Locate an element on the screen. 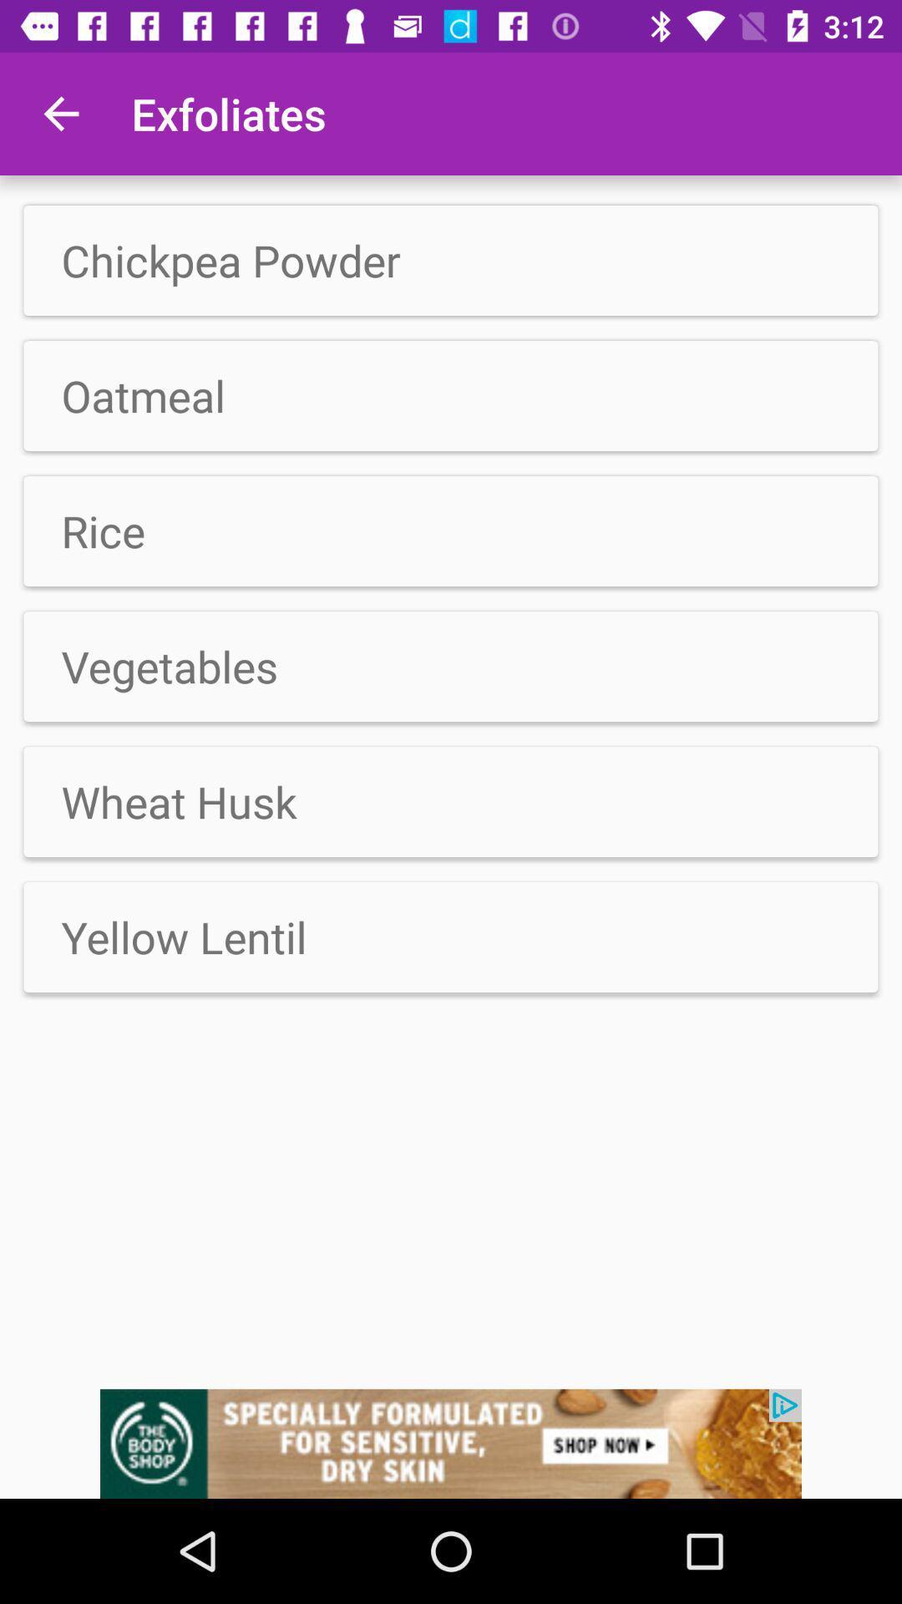 The width and height of the screenshot is (902, 1604). the button which is below the rice is located at coordinates (451, 665).